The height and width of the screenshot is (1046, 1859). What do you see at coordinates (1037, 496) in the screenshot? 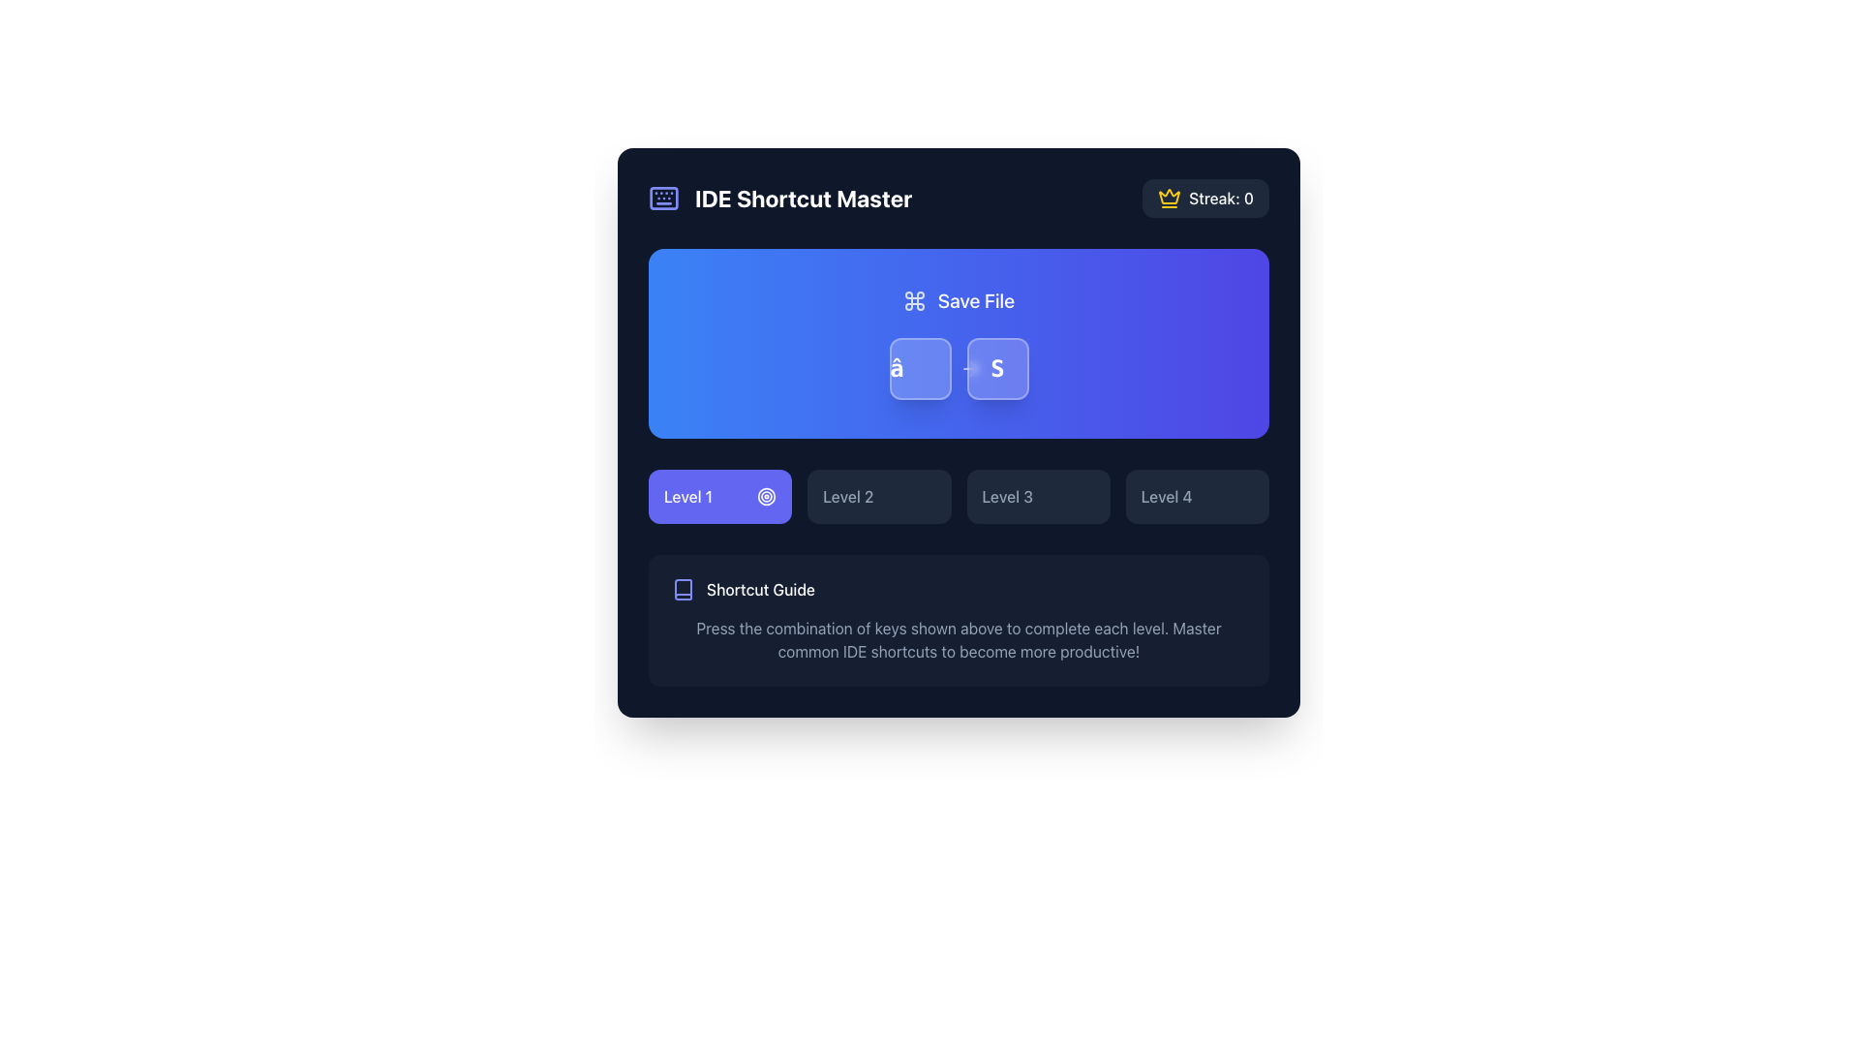
I see `keyboard navigation` at bounding box center [1037, 496].